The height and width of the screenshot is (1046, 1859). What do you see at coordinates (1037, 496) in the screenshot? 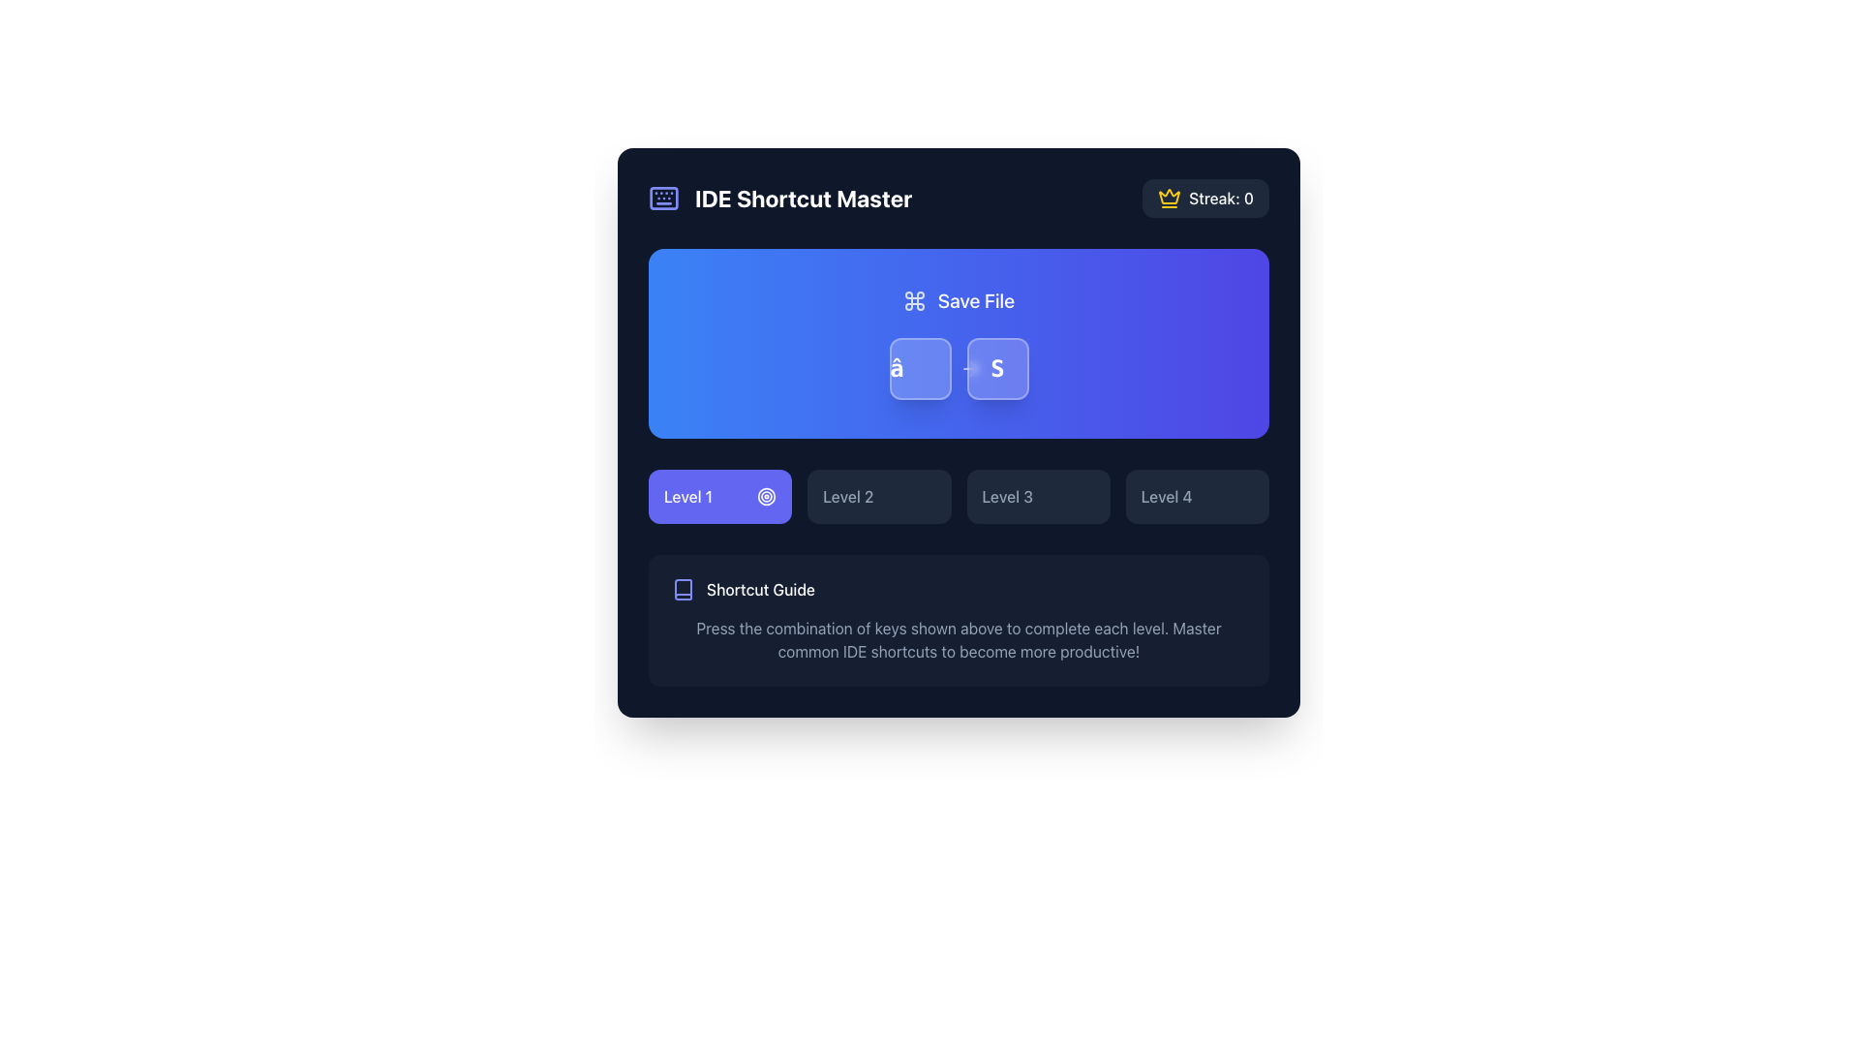
I see `keyboard navigation` at bounding box center [1037, 496].